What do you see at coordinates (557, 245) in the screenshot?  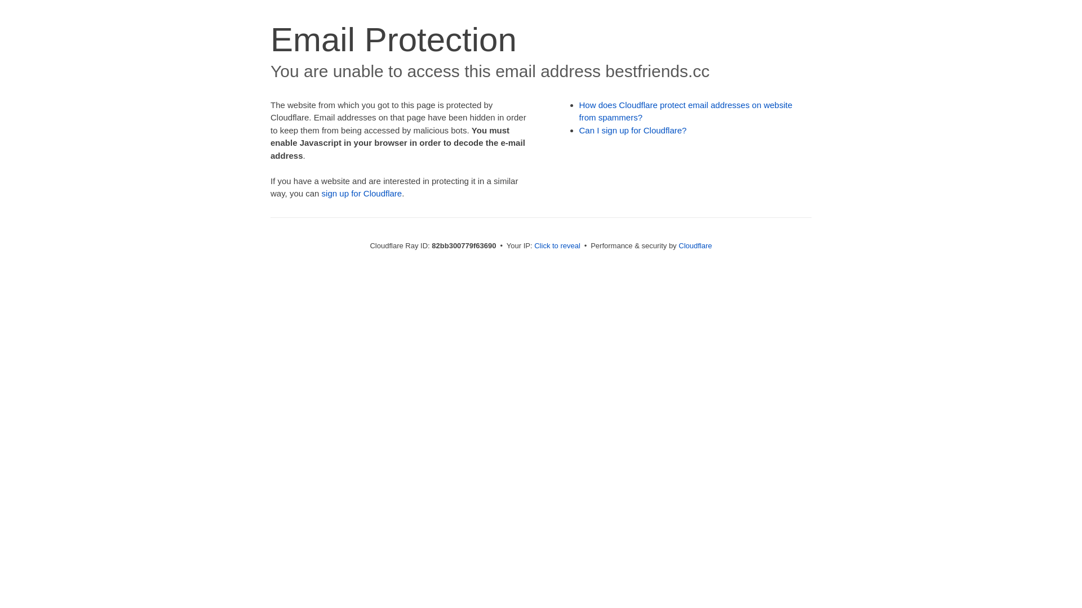 I see `'Click to reveal'` at bounding box center [557, 245].